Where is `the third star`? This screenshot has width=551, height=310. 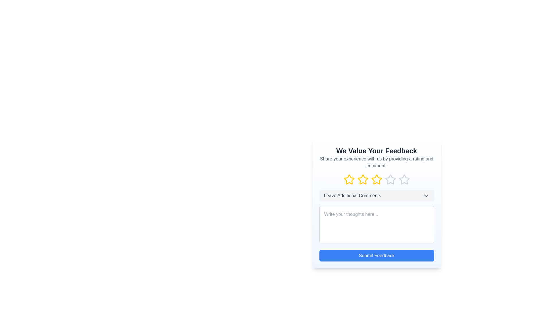
the third star is located at coordinates (376, 179).